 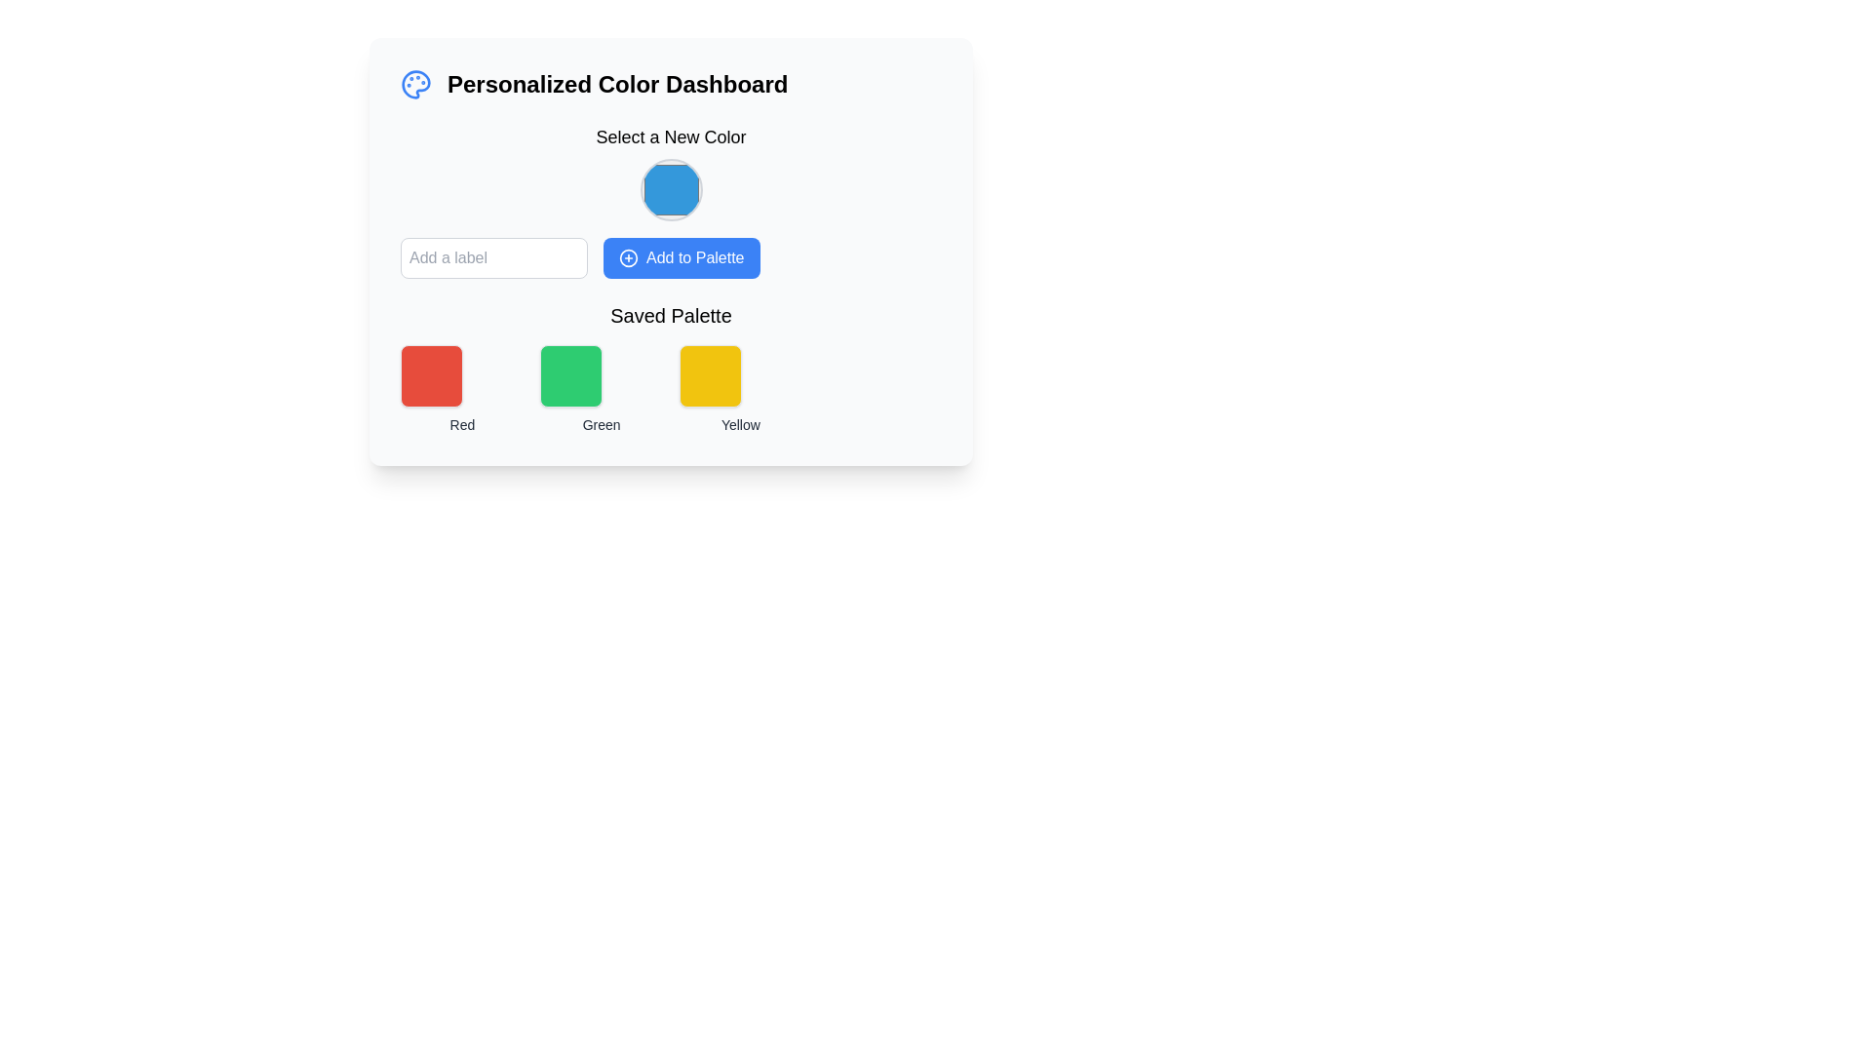 What do you see at coordinates (415, 84) in the screenshot?
I see `the decorative graphic or logo located in the top-left corner of the main interface, adjacent to the title 'Personalized Color Dashboard'` at bounding box center [415, 84].